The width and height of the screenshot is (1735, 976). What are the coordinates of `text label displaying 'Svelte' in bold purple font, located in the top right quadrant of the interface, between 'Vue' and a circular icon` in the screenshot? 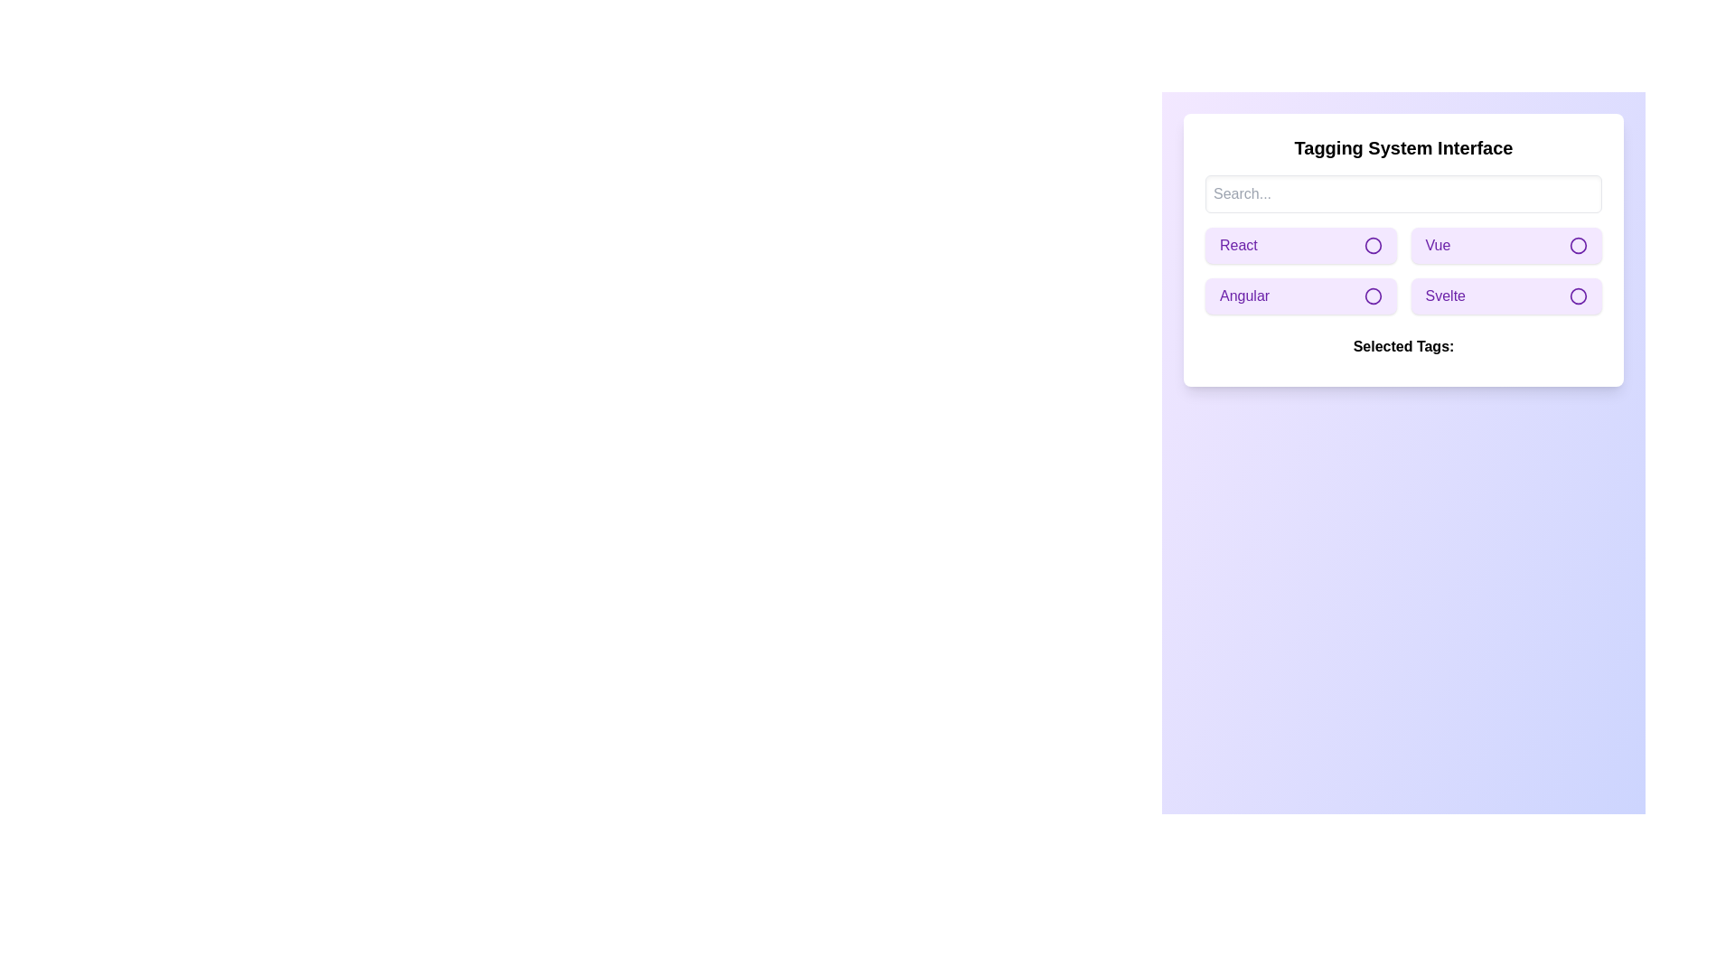 It's located at (1444, 295).